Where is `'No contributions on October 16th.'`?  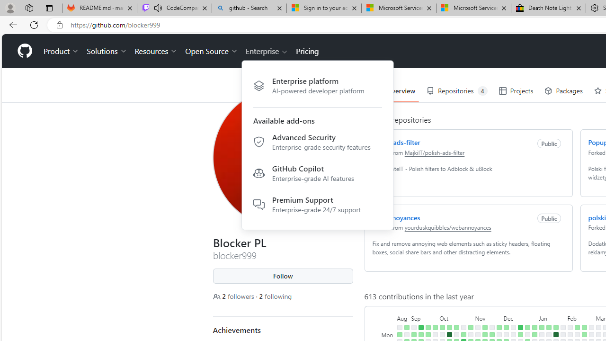
'No contributions on October 16th.' is located at coordinates (456, 334).